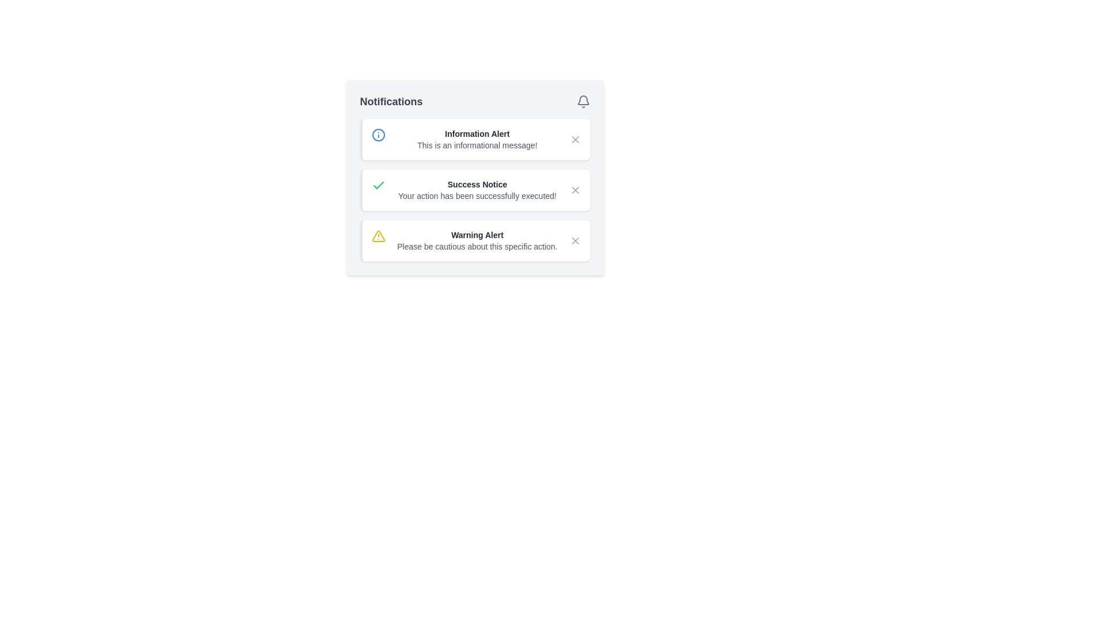 This screenshot has width=1105, height=621. Describe the element at coordinates (575, 139) in the screenshot. I see `the close button of the 'Information Alert' notification to activate hover effects` at that location.